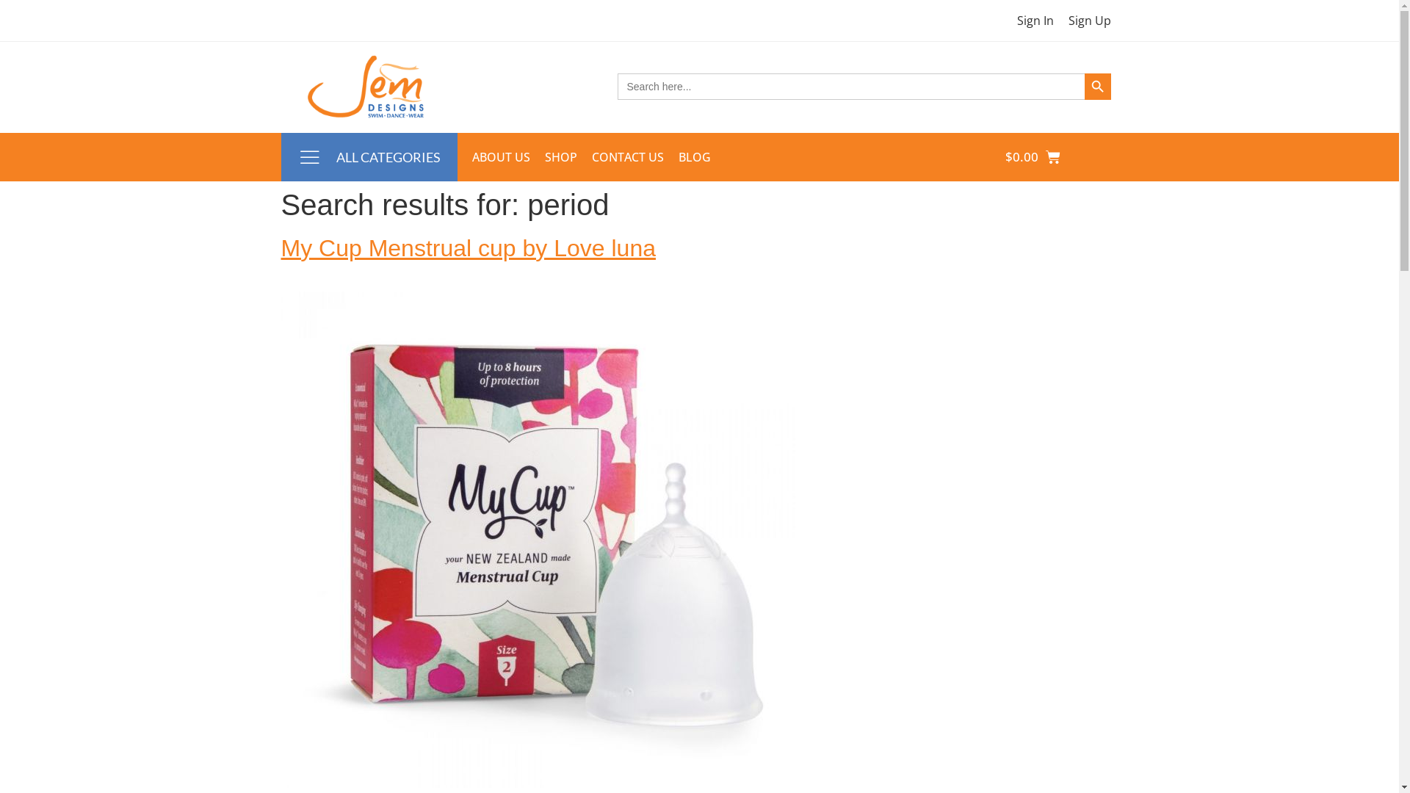 Image resolution: width=1410 pixels, height=793 pixels. What do you see at coordinates (627, 156) in the screenshot?
I see `'CONTACT US'` at bounding box center [627, 156].